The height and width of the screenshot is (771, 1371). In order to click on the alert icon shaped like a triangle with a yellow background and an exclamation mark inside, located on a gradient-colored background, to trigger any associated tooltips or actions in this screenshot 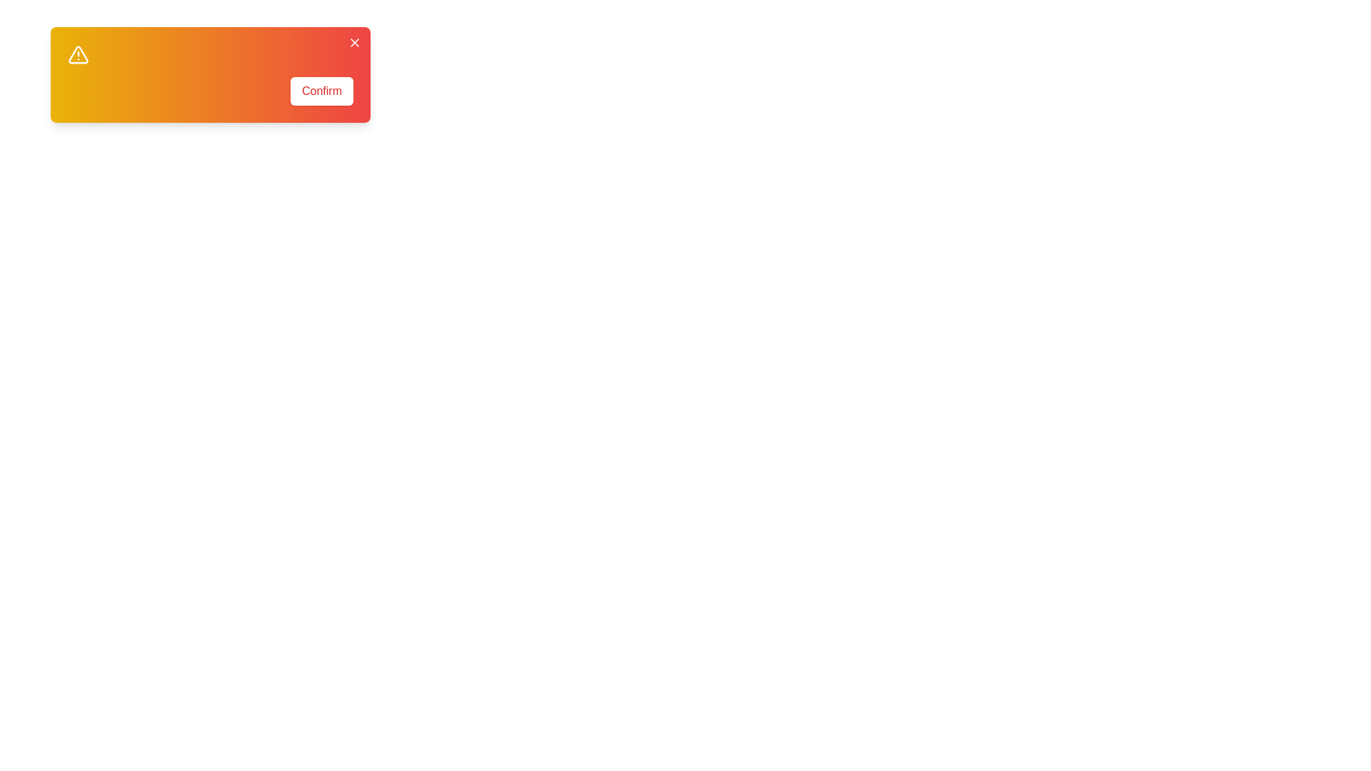, I will do `click(78, 54)`.